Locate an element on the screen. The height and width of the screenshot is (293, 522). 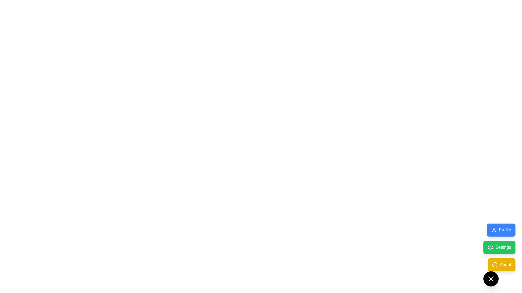
the 'Profile' icon located on the left side of the text label within the 'Profile' button at the bottom-right of the interface is located at coordinates (494, 230).